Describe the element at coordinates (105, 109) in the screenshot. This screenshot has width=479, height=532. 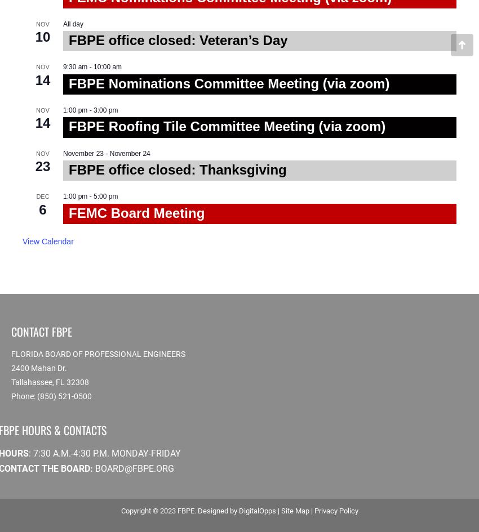
I see `'3:00 pm'` at that location.